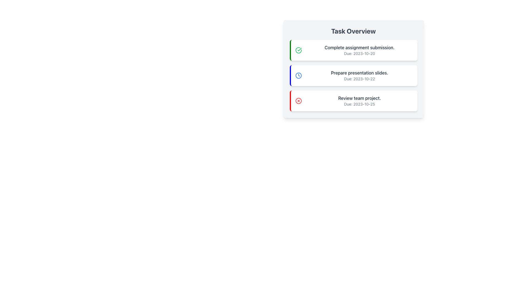 The height and width of the screenshot is (297, 528). What do you see at coordinates (359, 50) in the screenshot?
I see `the text display component that shows 'Complete assignment submission.' with due date 'Due: 2023-10-20' in the task overview section` at bounding box center [359, 50].